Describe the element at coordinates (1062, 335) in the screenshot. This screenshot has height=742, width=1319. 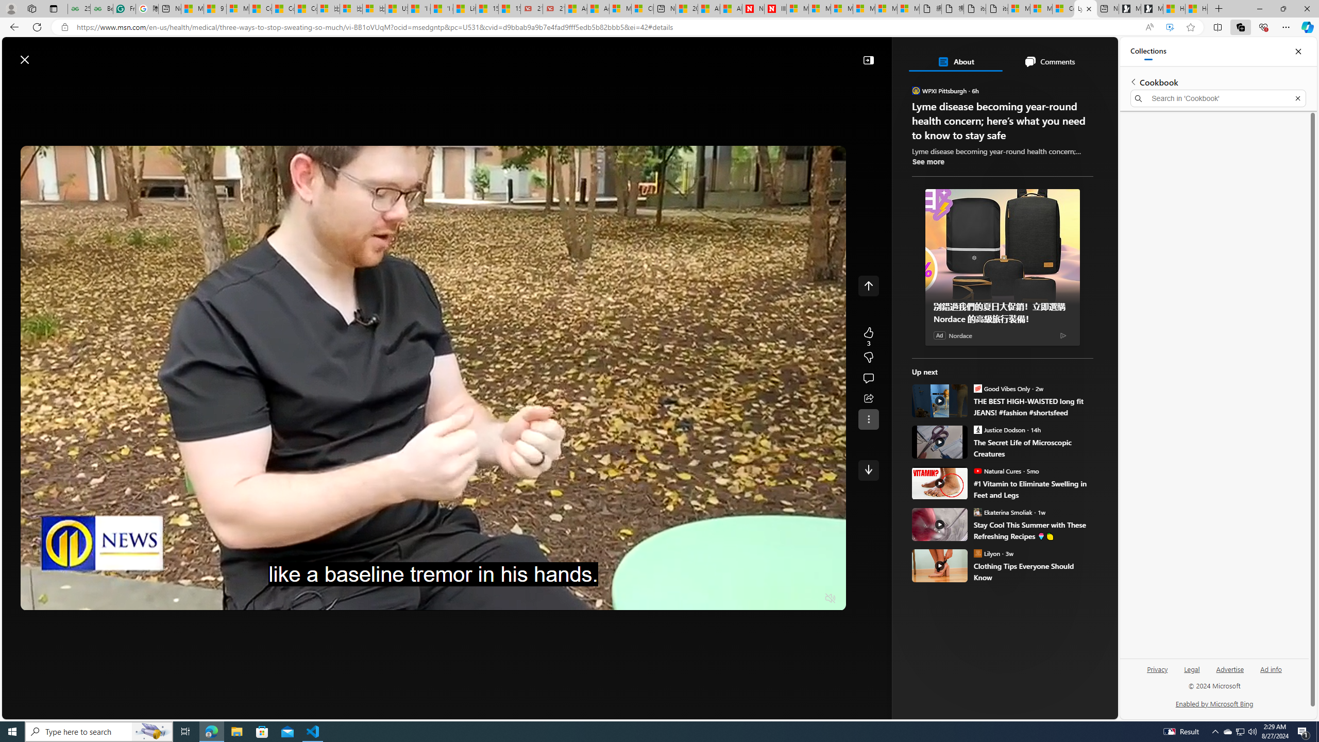
I see `'Ad Choice'` at that location.